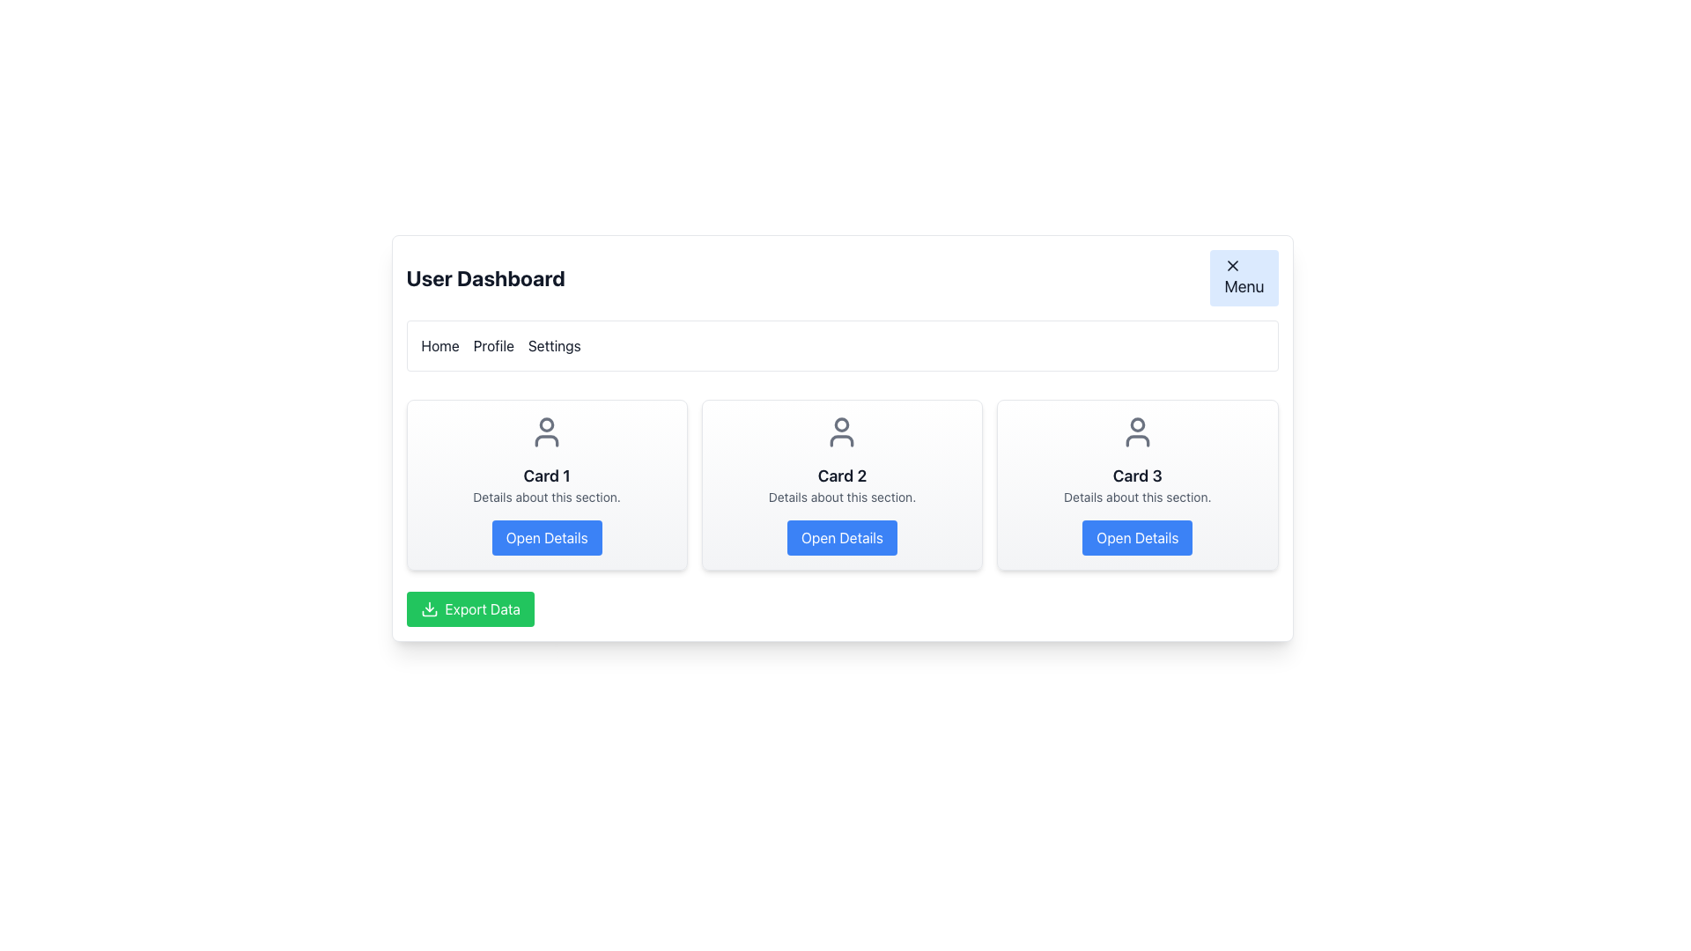 The image size is (1691, 951). I want to click on the medium-sized circular icon resembling a user outline with a muted gray color located at the top center of 'Card 3', so click(1137, 431).